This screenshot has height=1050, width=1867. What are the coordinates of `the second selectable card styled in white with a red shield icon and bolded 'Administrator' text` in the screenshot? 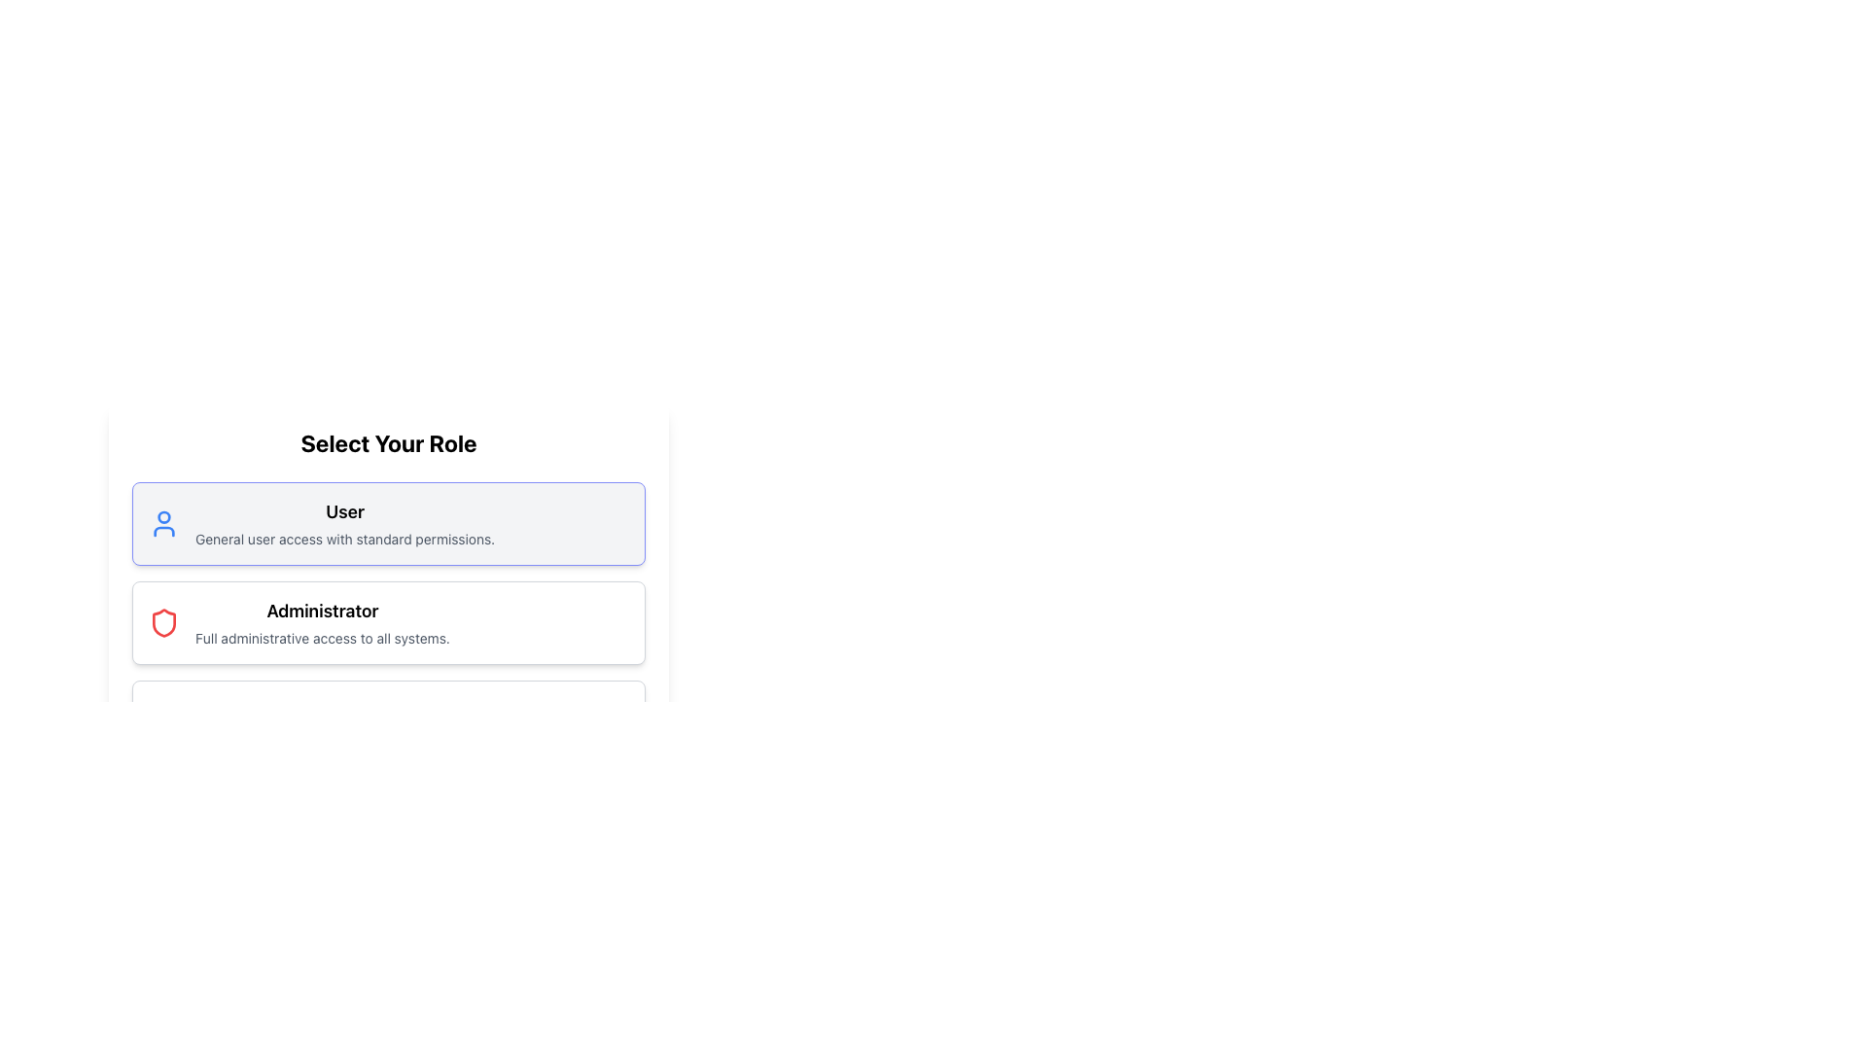 It's located at (388, 630).